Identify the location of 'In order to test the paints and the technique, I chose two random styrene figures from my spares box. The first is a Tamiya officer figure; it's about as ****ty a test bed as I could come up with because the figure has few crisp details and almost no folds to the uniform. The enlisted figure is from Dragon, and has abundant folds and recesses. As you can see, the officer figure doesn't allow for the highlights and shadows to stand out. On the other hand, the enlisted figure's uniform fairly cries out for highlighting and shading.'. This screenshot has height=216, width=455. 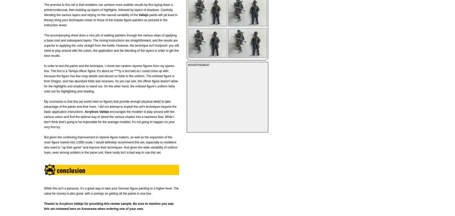
(44, 79).